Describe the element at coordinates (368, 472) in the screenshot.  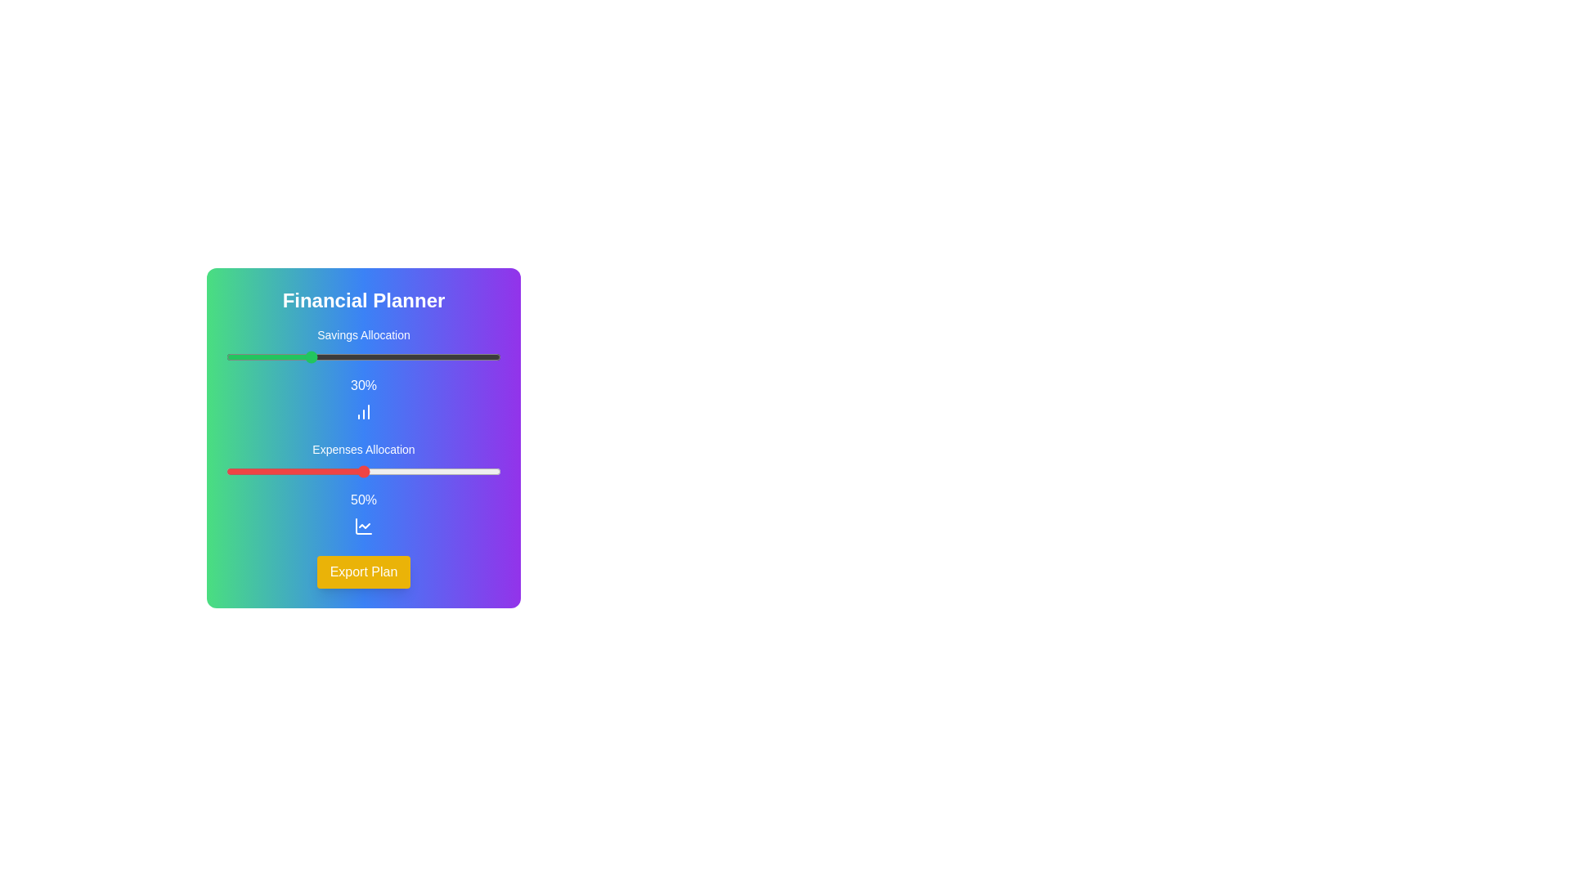
I see `the Expenses Allocation slider` at that location.